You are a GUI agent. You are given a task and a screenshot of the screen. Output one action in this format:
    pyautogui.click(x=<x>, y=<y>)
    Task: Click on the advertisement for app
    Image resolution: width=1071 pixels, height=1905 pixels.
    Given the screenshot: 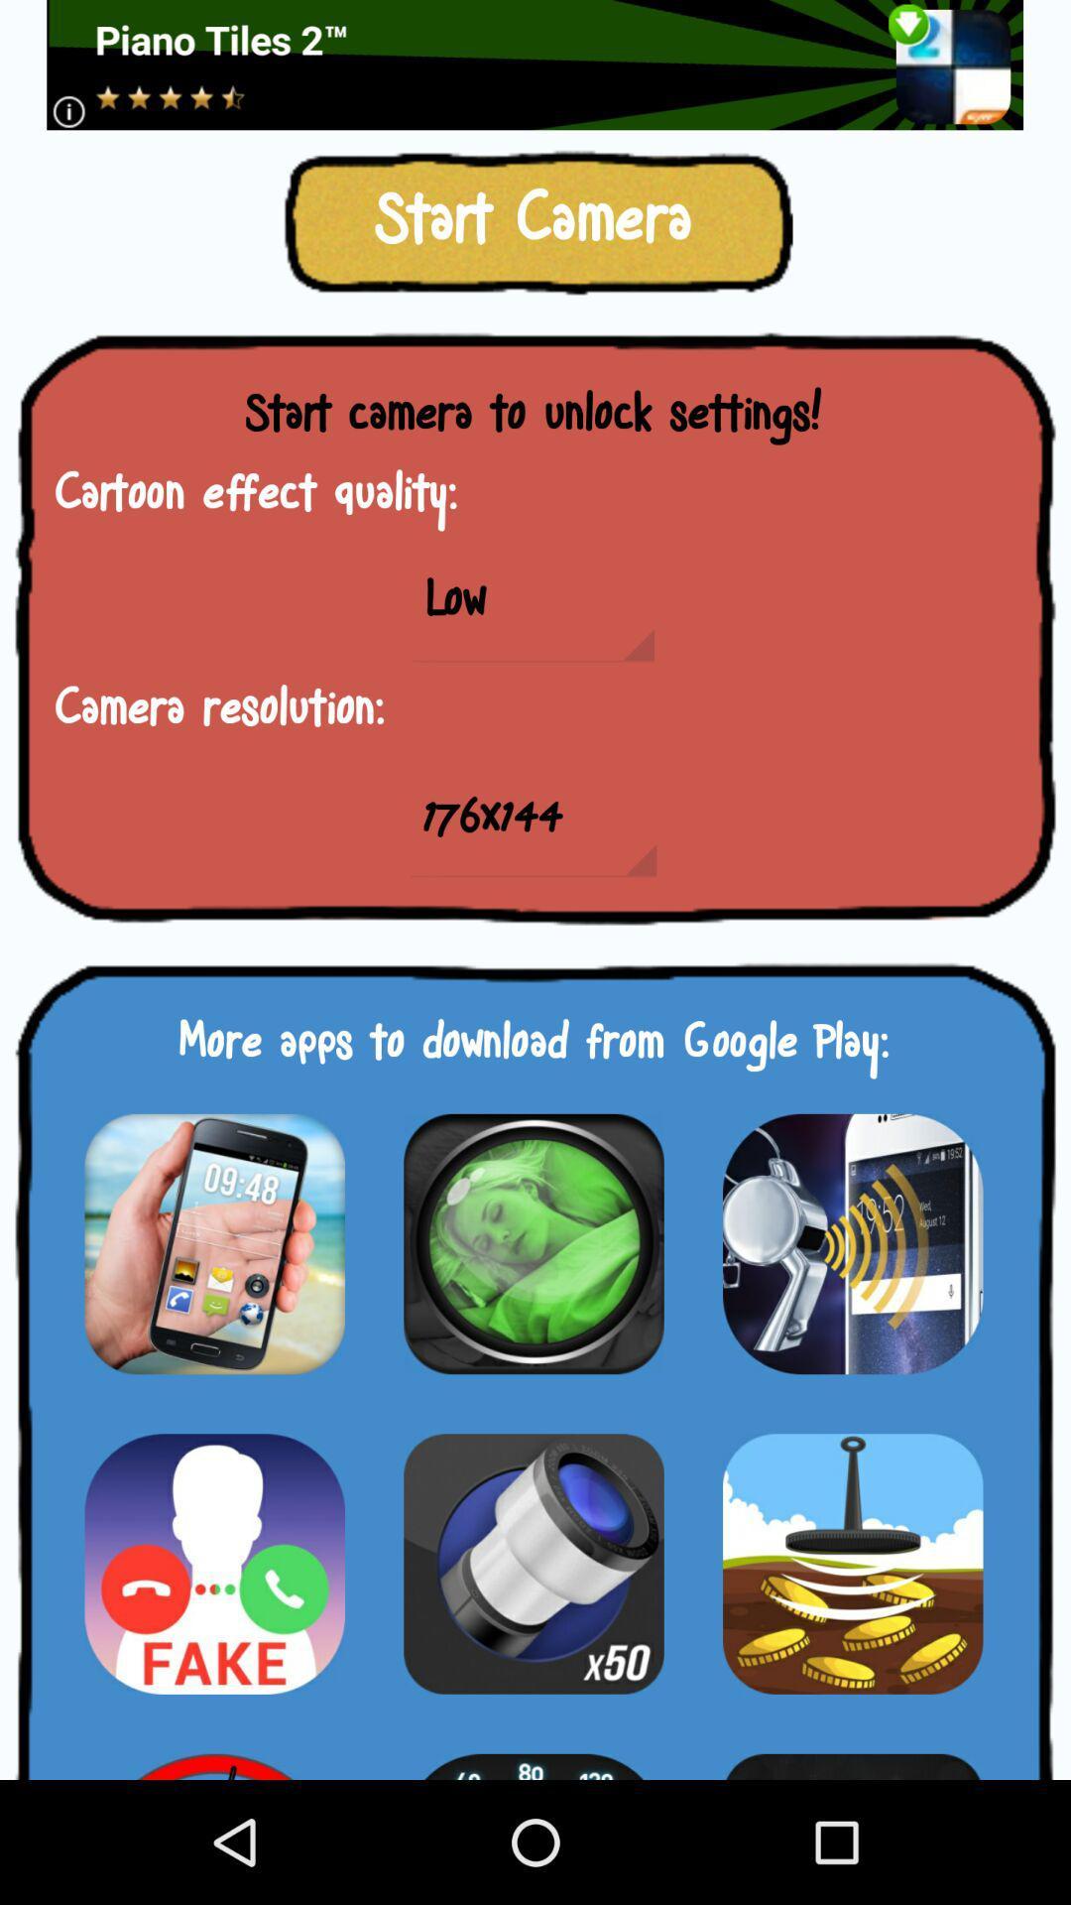 What is the action you would take?
    pyautogui.click(x=852, y=1242)
    